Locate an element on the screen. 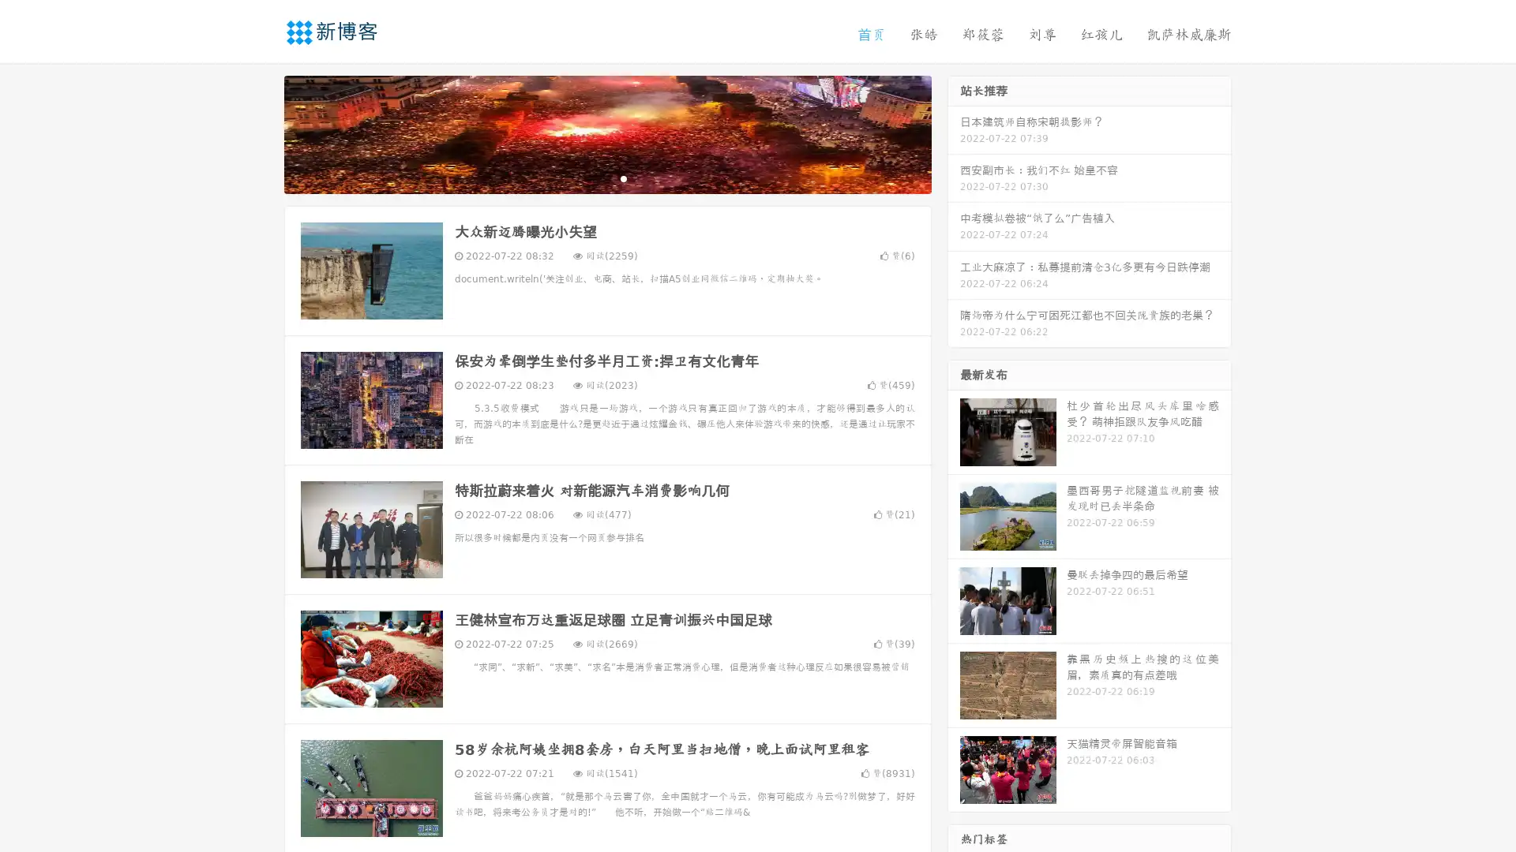  Next slide is located at coordinates (954, 133).